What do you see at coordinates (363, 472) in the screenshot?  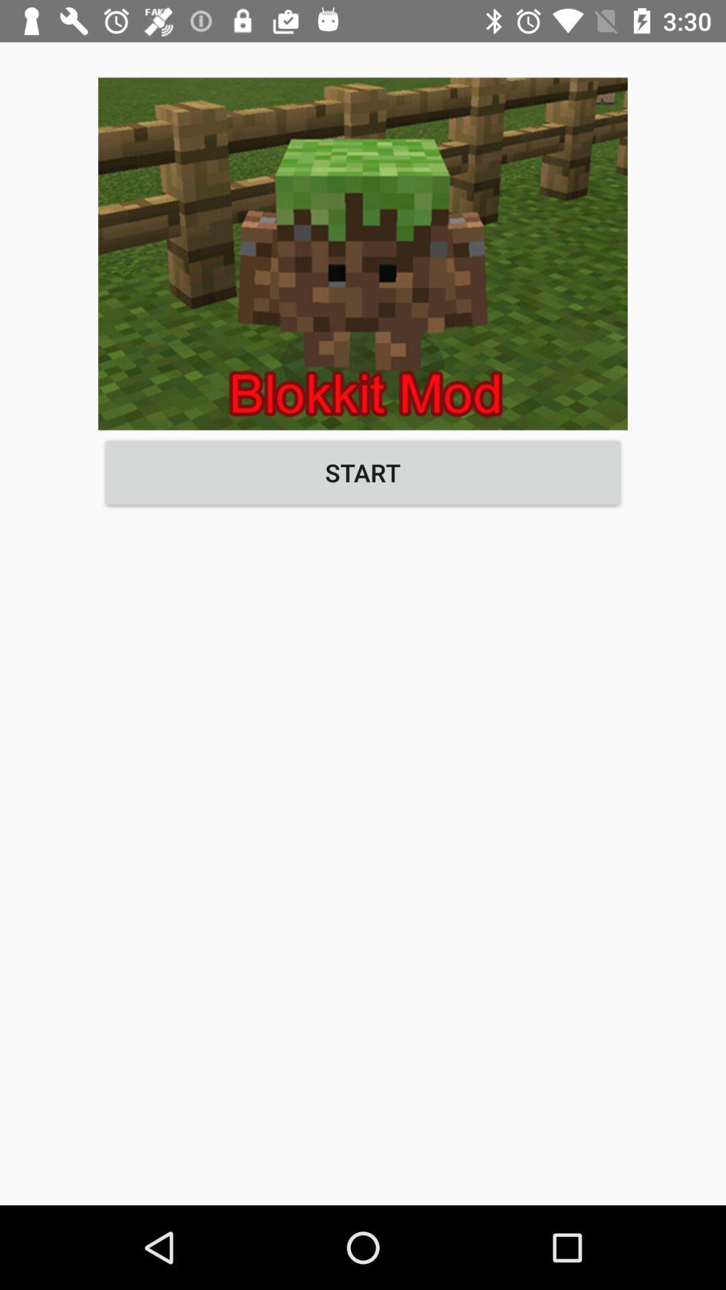 I see `start button` at bounding box center [363, 472].